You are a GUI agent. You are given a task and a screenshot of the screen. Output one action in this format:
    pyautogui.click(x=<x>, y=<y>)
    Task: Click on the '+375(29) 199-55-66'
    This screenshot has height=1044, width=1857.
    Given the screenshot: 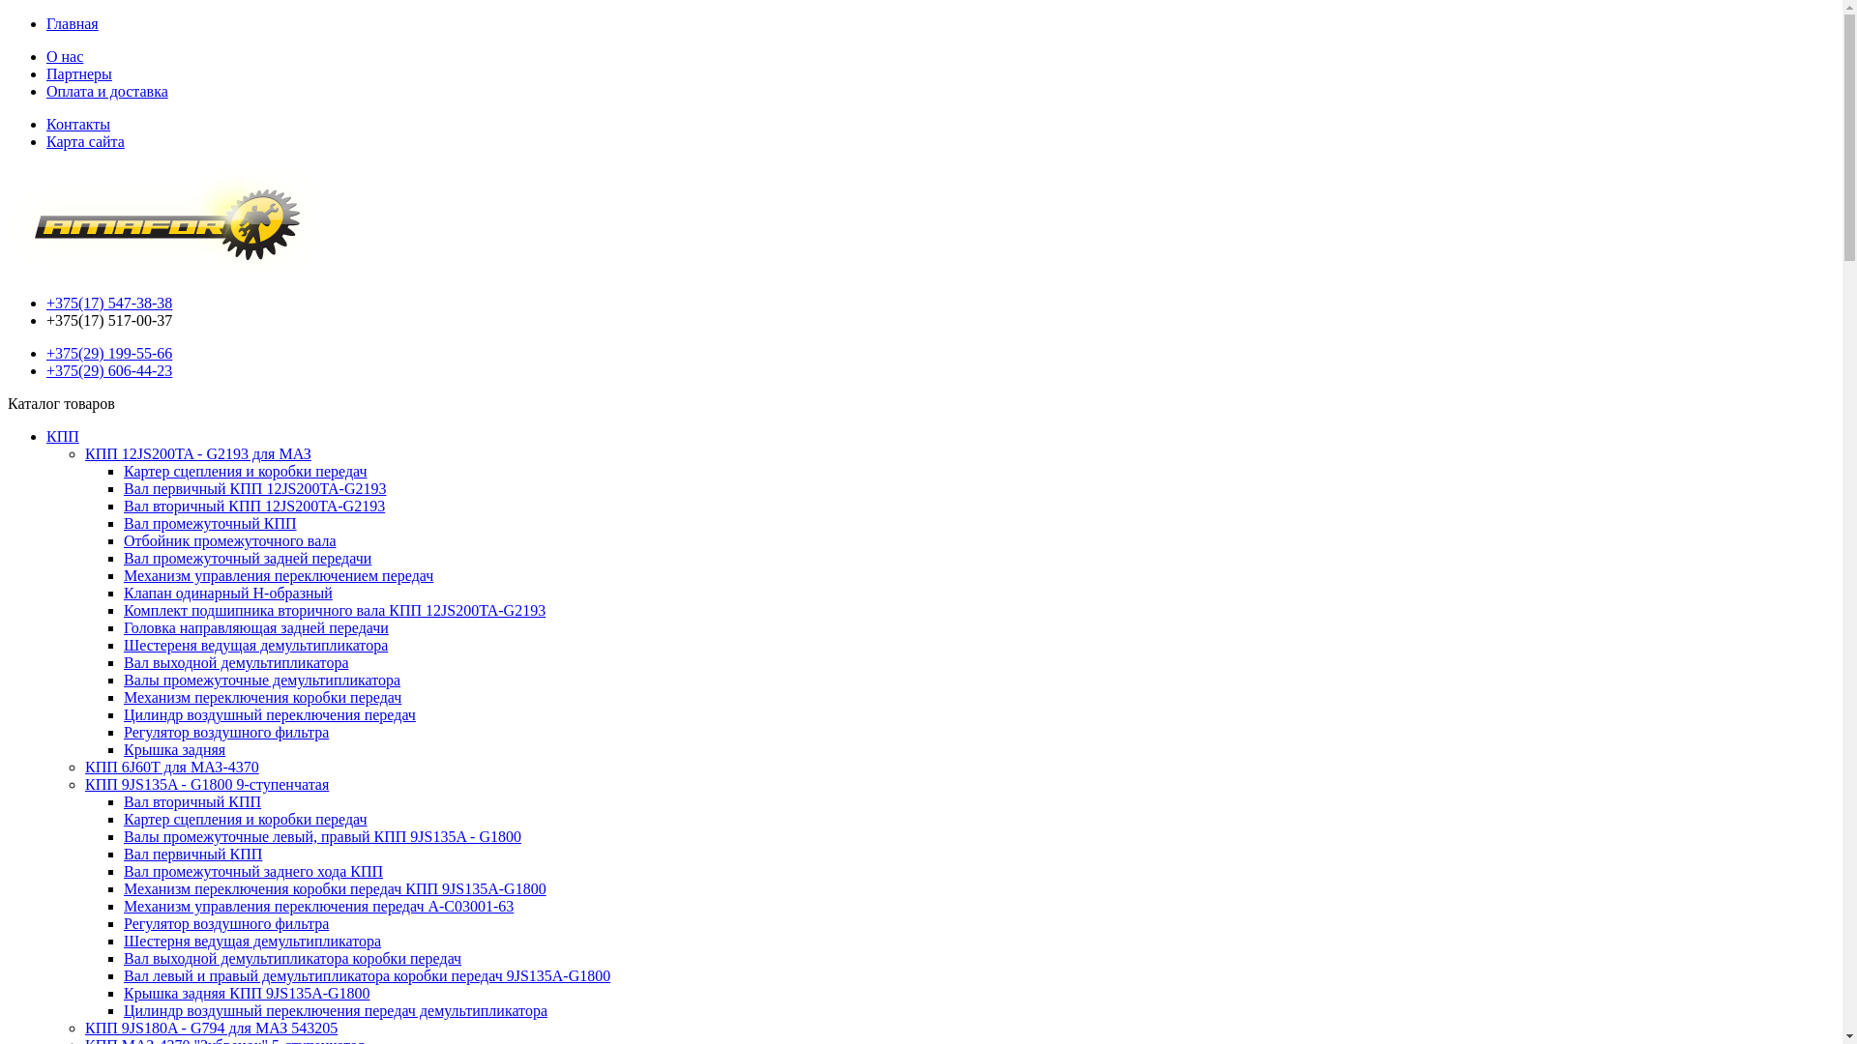 What is the action you would take?
    pyautogui.click(x=108, y=353)
    